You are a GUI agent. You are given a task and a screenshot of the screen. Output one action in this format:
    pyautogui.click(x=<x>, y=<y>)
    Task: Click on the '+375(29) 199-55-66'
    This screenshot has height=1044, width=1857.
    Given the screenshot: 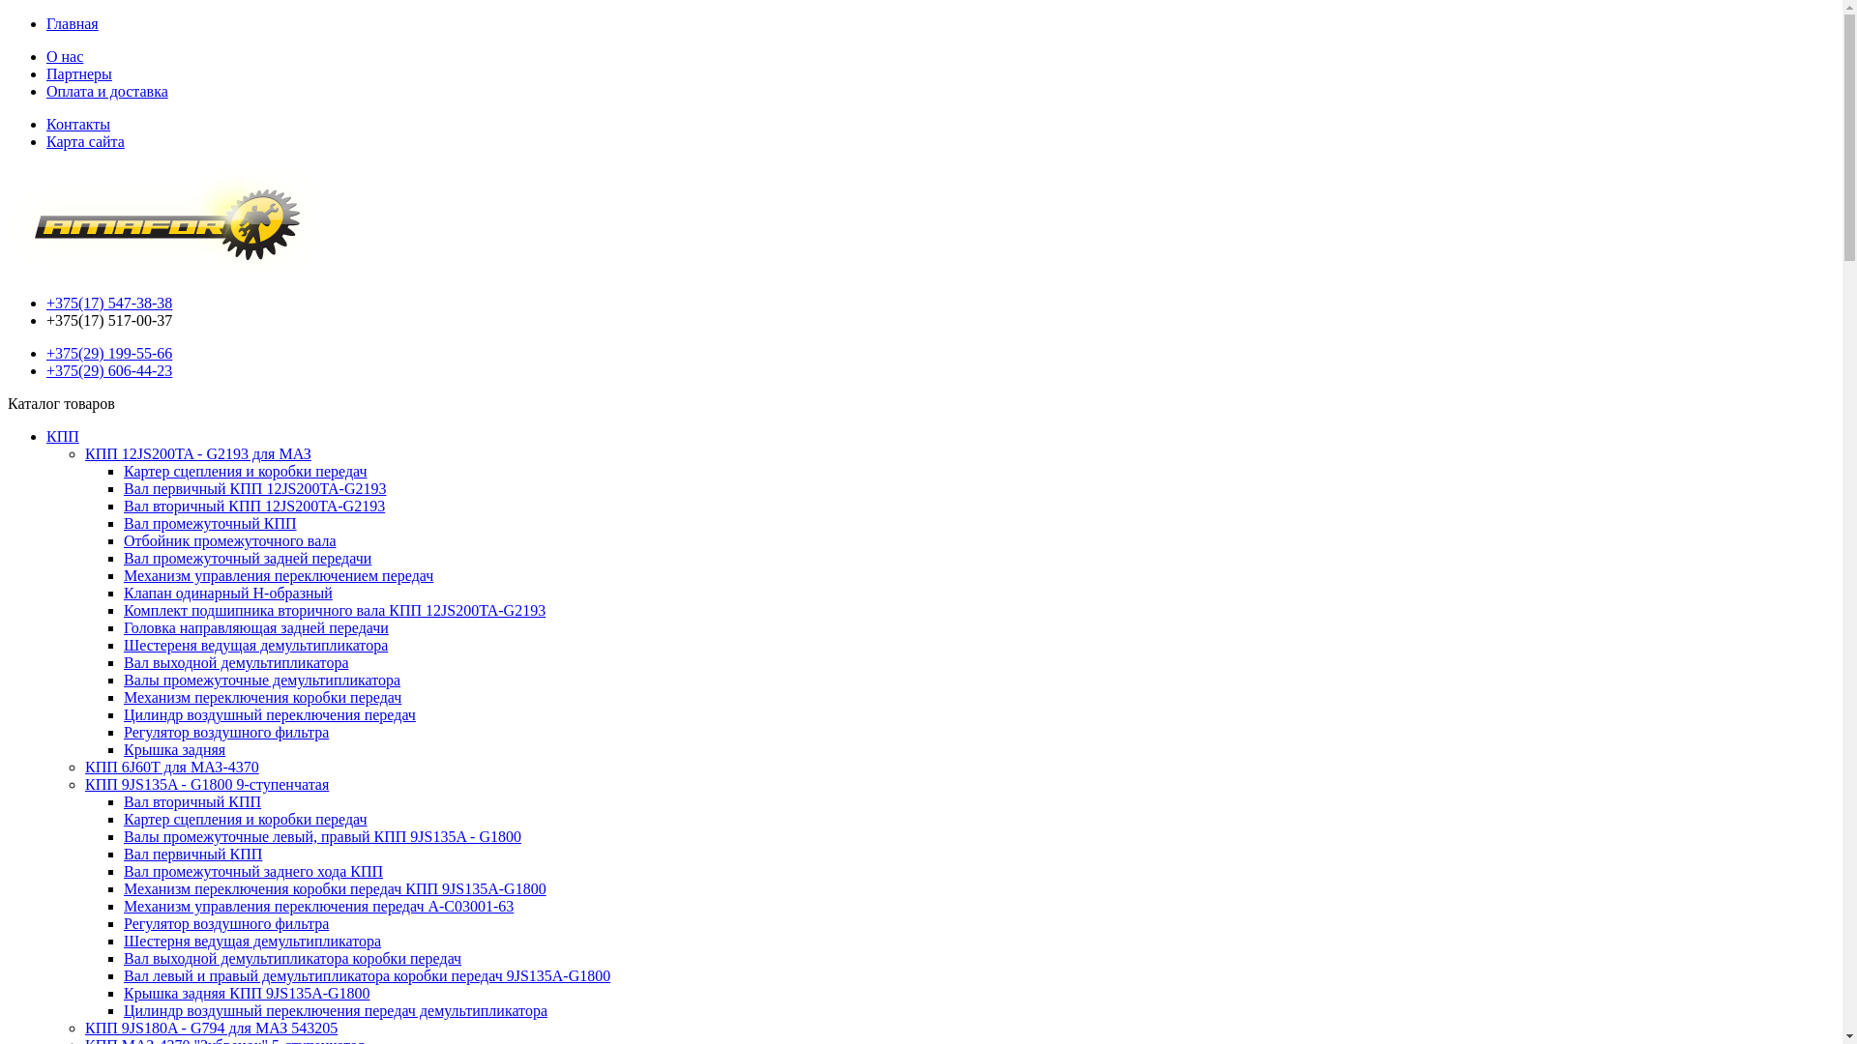 What is the action you would take?
    pyautogui.click(x=108, y=353)
    